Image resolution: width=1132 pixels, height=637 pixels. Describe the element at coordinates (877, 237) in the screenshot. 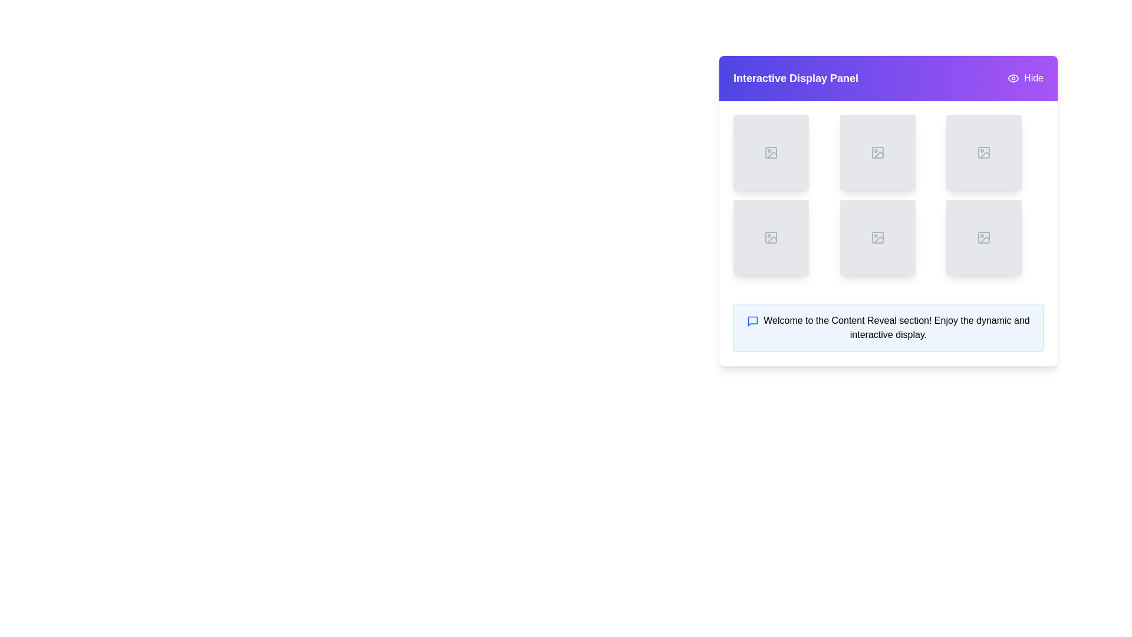

I see `the bottom-center placeholder component in the grid layout for interaction` at that location.